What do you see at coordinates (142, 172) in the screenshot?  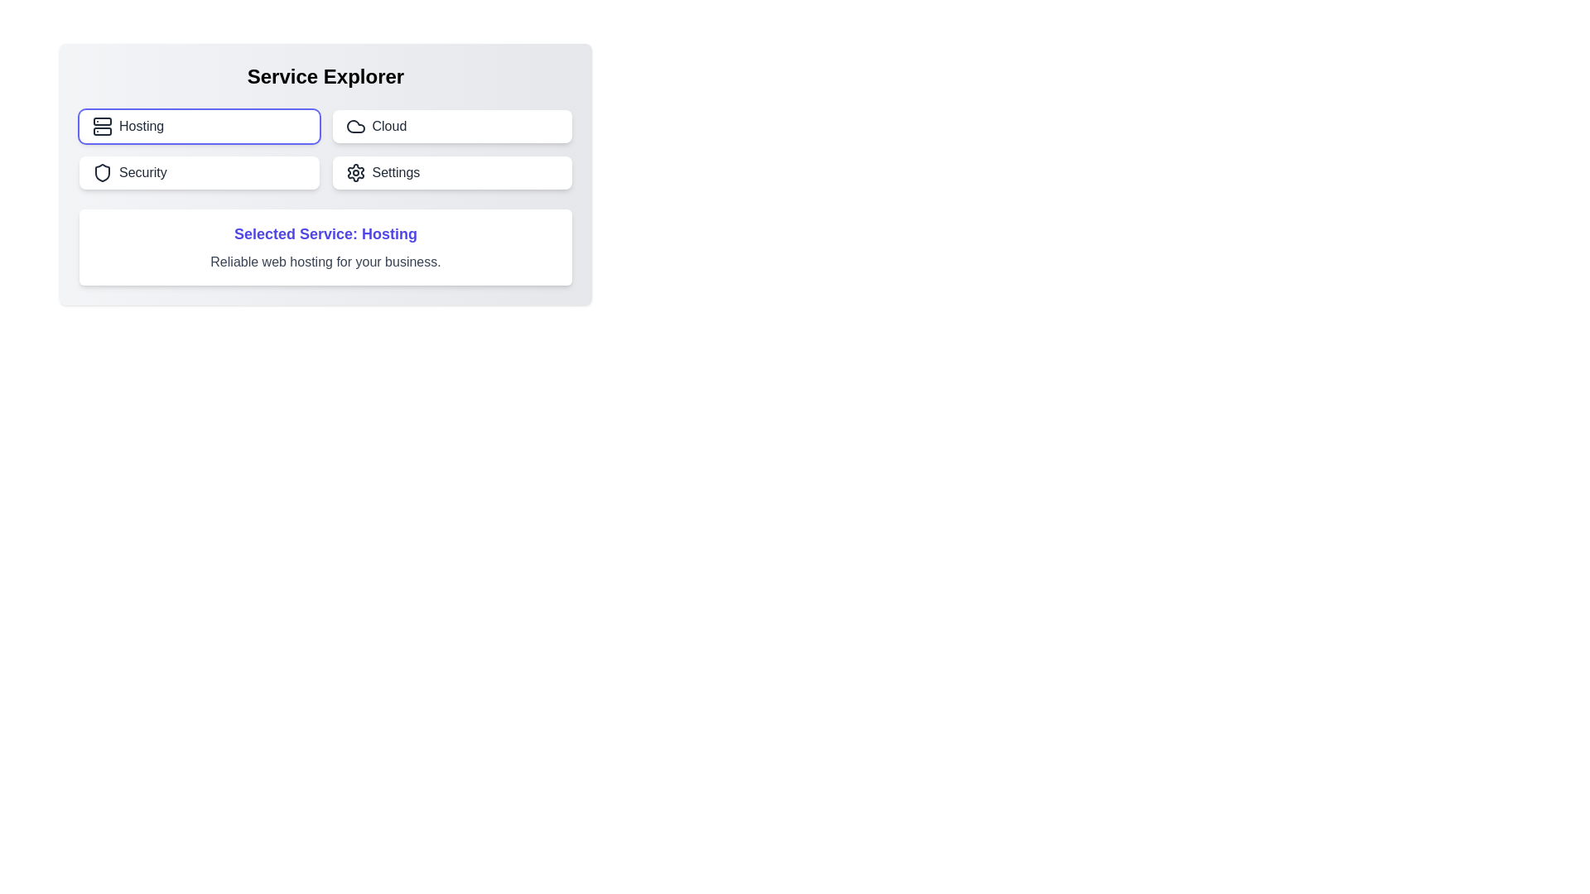 I see `the 'Security' text label, which is a selectable option in the 'Service Explorer' interface, located in the second row of buttons alongside 'Hosting', 'Cloud', and 'Settings'` at bounding box center [142, 172].